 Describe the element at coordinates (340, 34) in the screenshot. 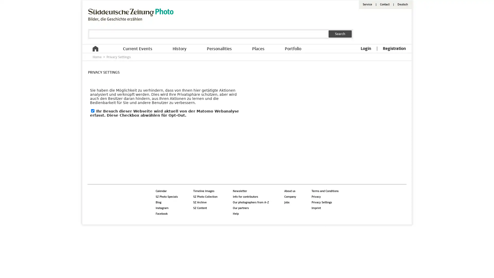

I see `Search` at that location.